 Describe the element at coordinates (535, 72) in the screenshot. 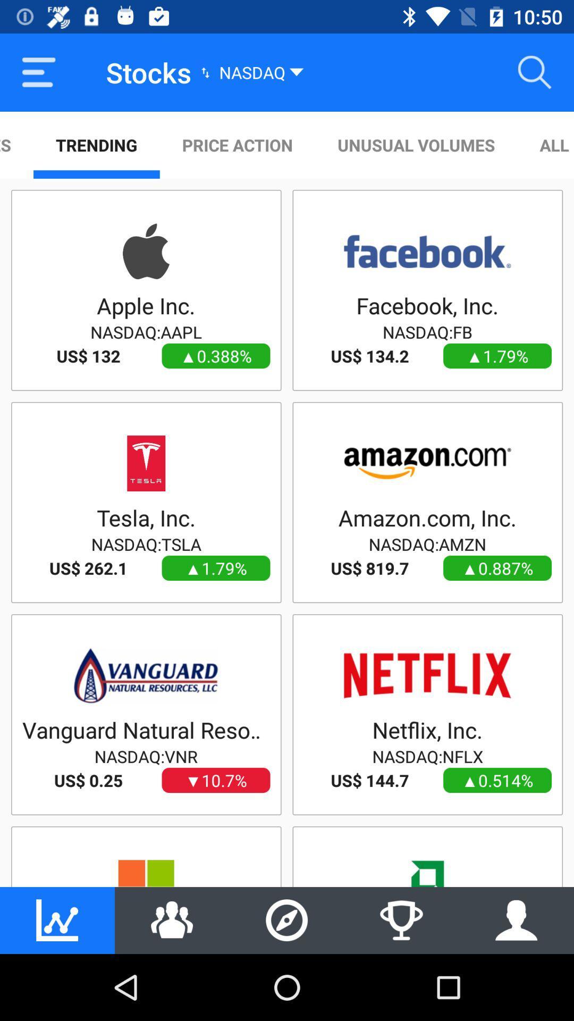

I see `item next to nasdaq icon` at that location.